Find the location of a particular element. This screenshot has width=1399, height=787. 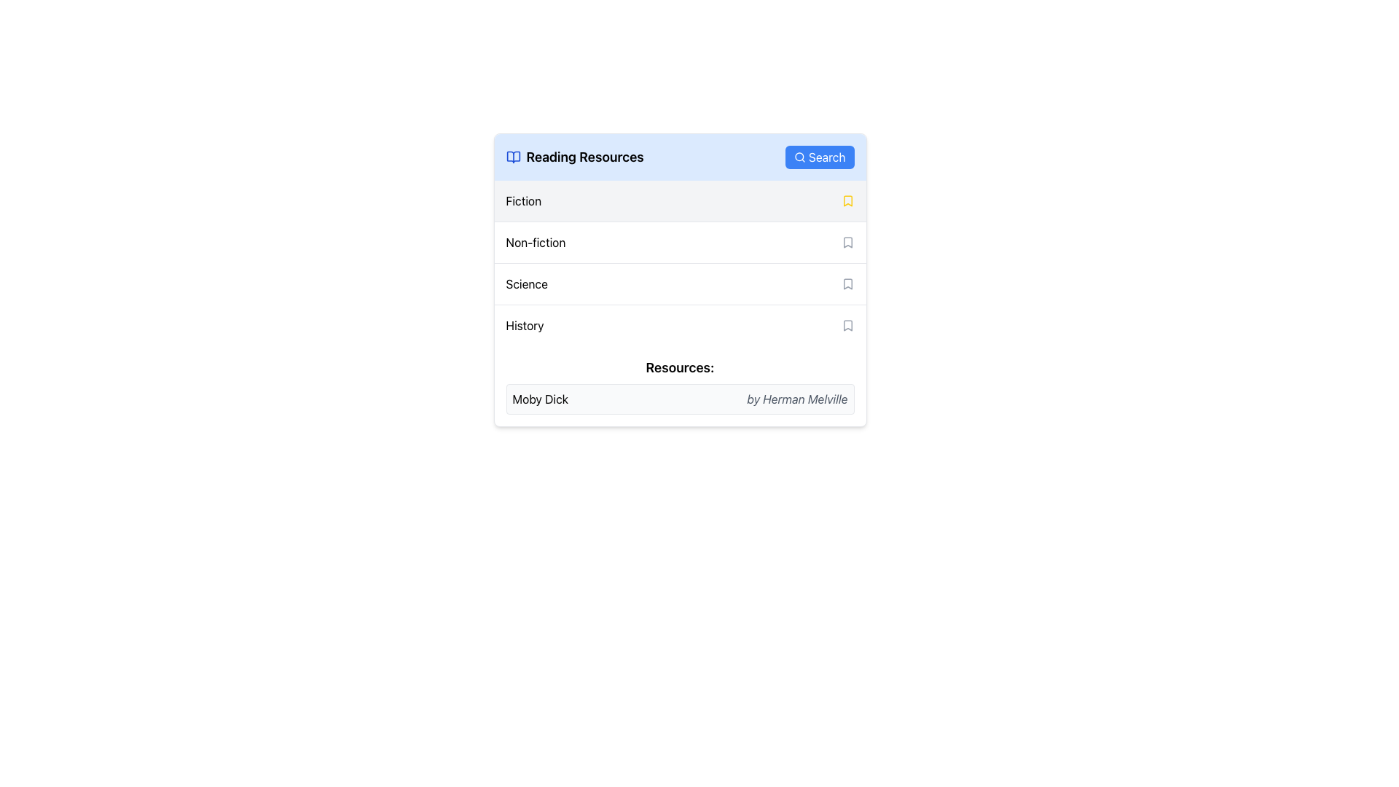

the non-interactive gray bookmark icon located on the far right side of the 'Science' row within a list of categorized topics is located at coordinates (847, 283).